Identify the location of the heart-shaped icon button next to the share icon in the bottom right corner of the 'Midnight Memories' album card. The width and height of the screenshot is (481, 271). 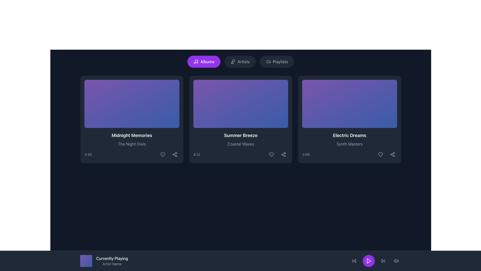
(163, 154).